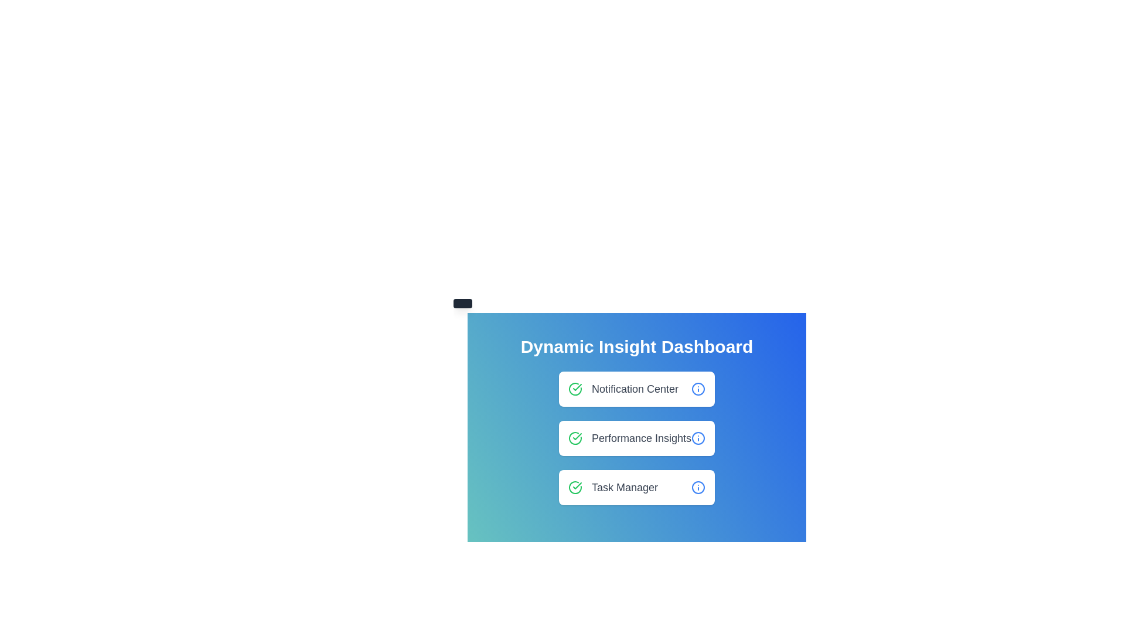 The height and width of the screenshot is (633, 1125). I want to click on the information indicator icon located at the rightmost side of the 'Notification Center' section, aligned horizontally with the section title, so click(698, 389).